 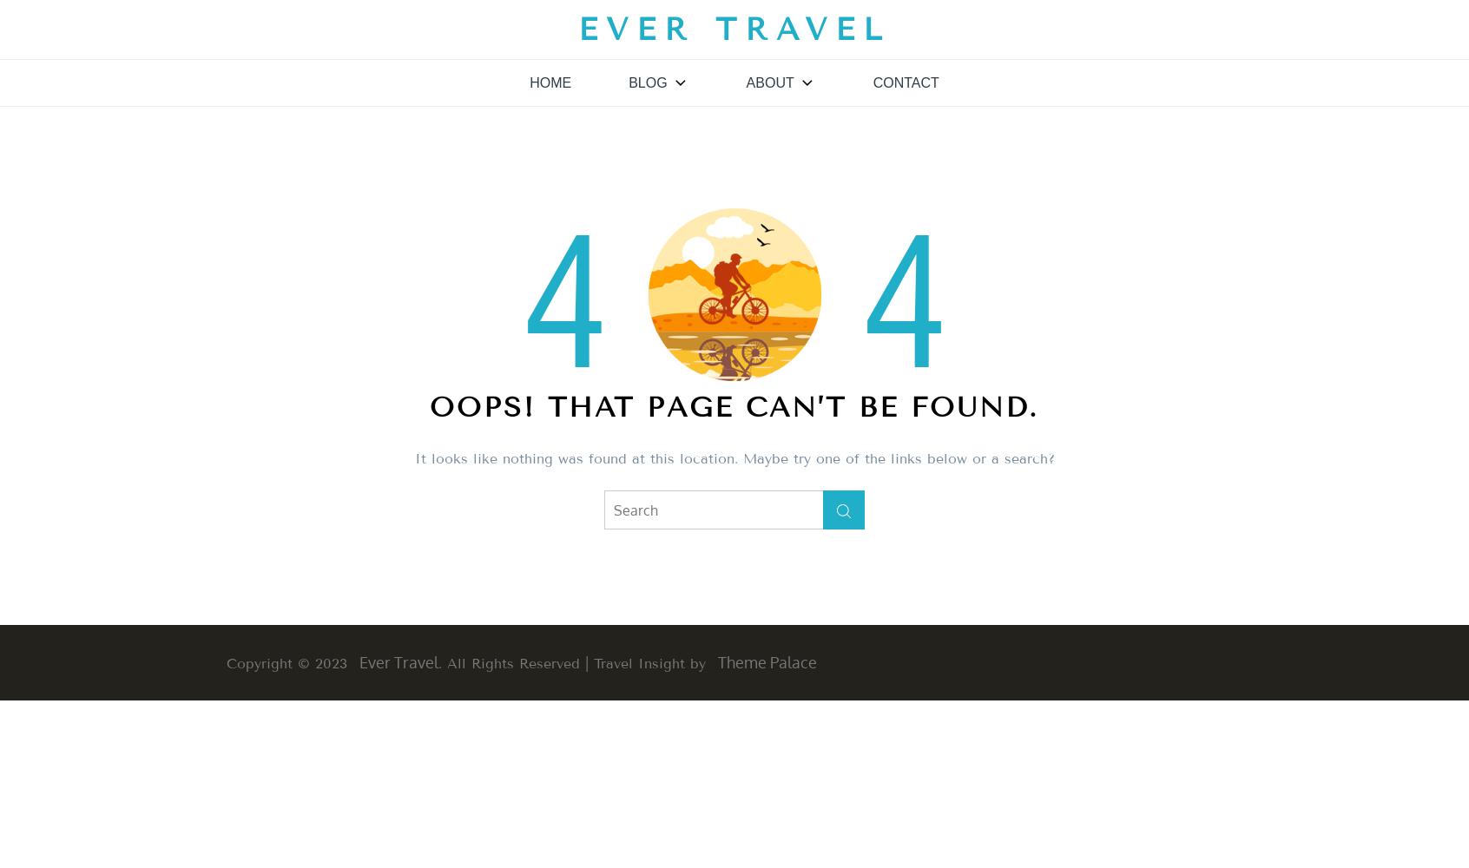 What do you see at coordinates (734, 406) in the screenshot?
I see `'Oops! That page can’t be found.'` at bounding box center [734, 406].